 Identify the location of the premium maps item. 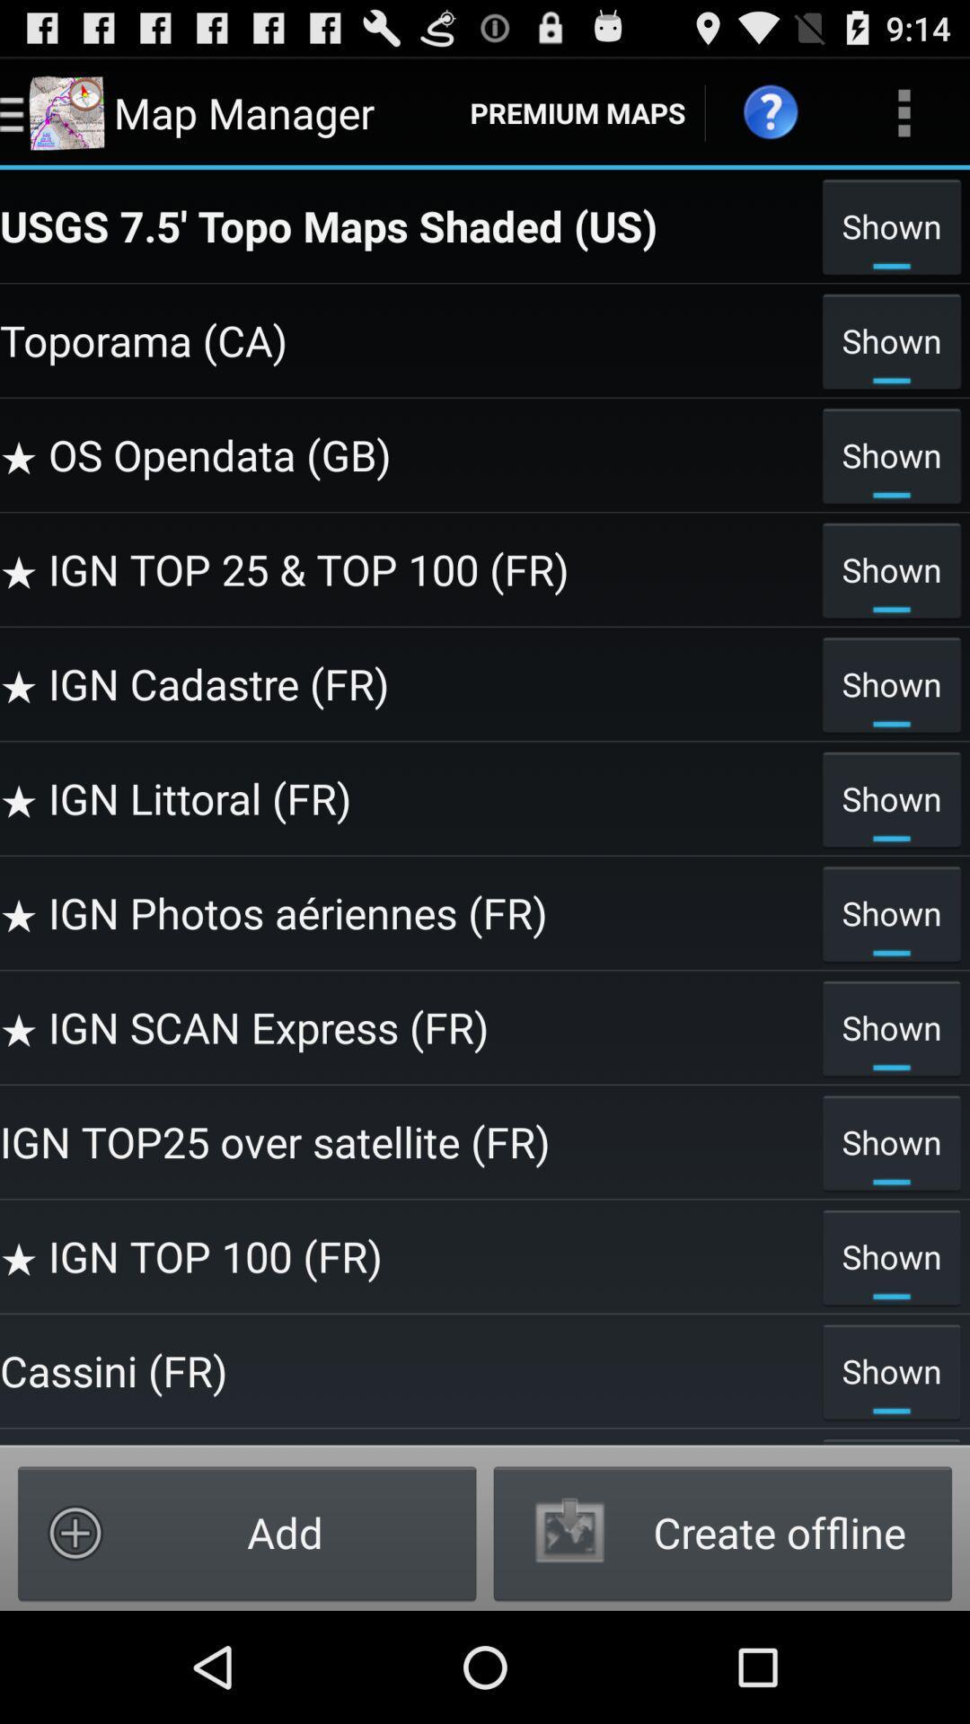
(578, 111).